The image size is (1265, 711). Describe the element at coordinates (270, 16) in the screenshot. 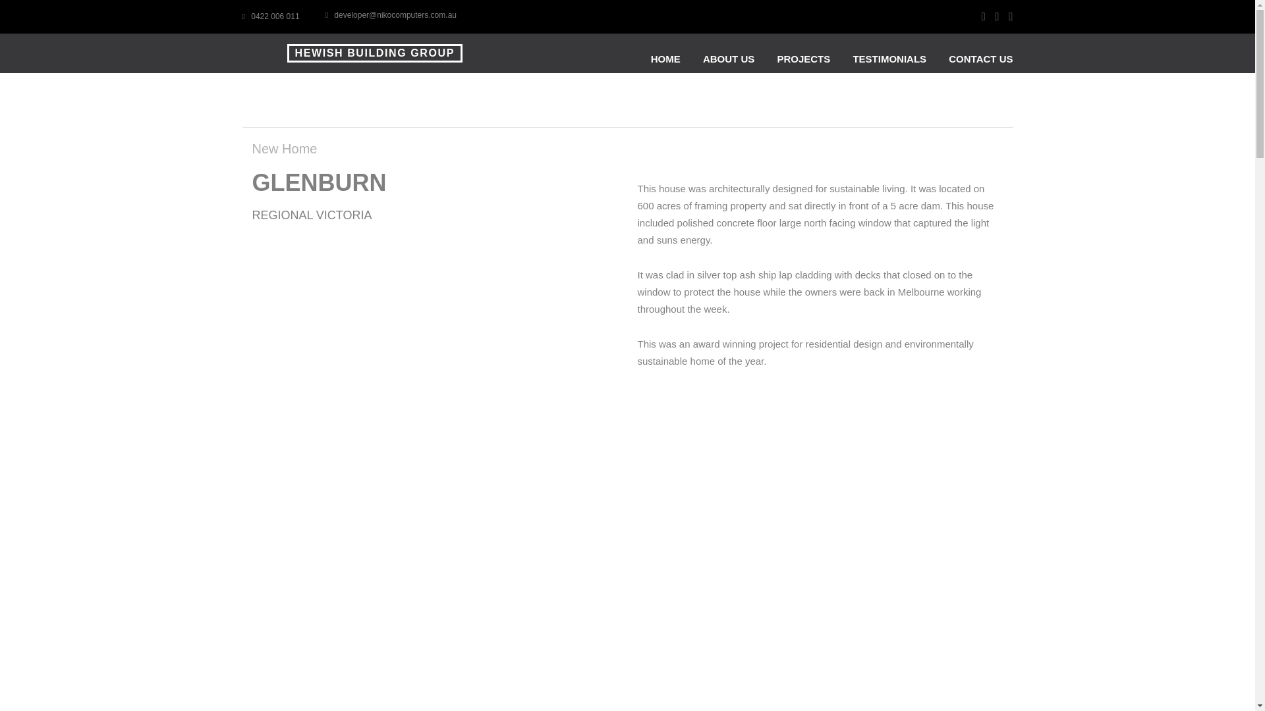

I see `'0422 006 011'` at that location.